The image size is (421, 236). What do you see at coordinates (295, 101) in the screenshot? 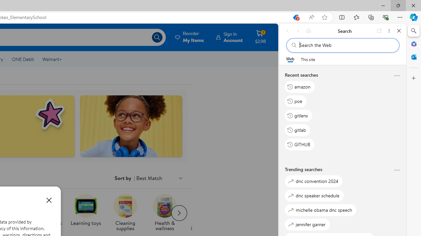
I see `'poe'` at bounding box center [295, 101].